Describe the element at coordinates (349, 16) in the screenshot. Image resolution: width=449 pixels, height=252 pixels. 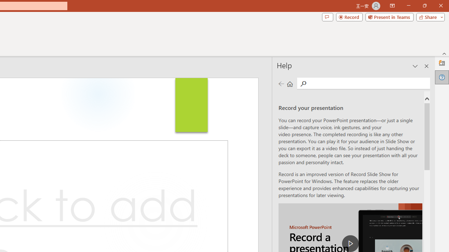
I see `'Record'` at that location.